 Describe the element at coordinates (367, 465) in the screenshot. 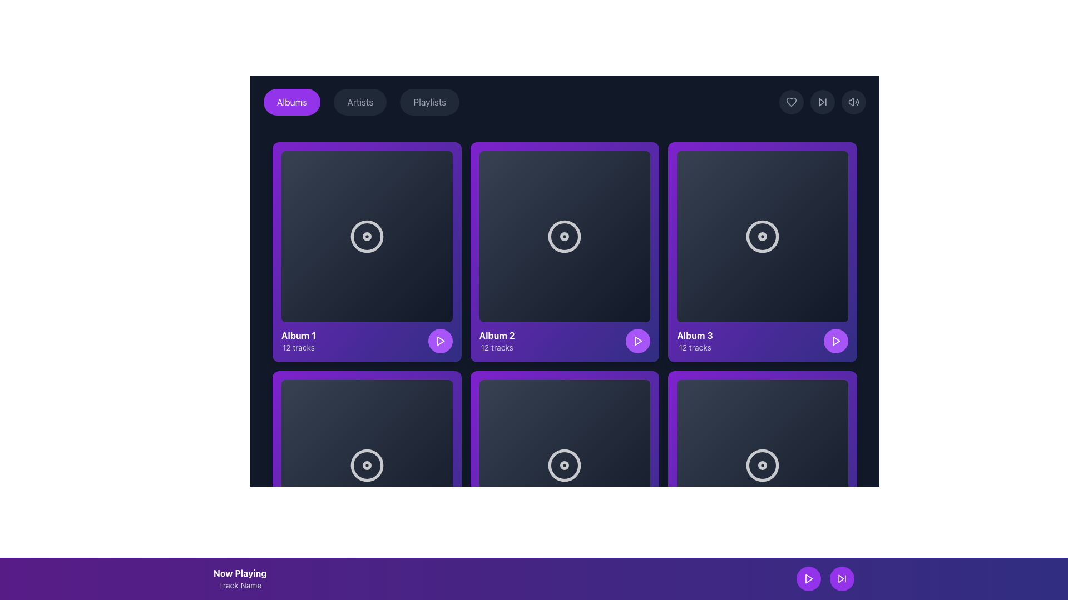

I see `the decorative icon indicating audio or music-related content located in the lower row of the grid layout, specifically in the cell corresponding to the last album item` at that location.